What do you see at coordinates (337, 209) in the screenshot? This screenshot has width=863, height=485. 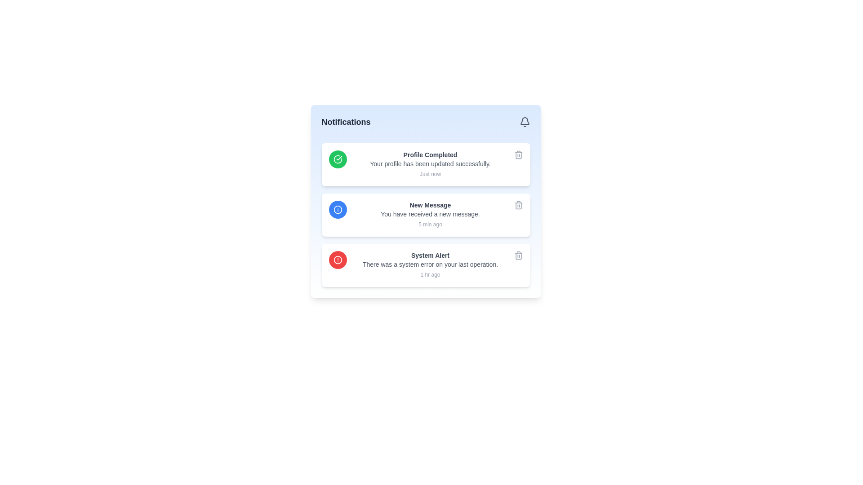 I see `the status icon for the 'New Message' notification located at the far-left side of the notification card, specifically the second item in the list` at bounding box center [337, 209].